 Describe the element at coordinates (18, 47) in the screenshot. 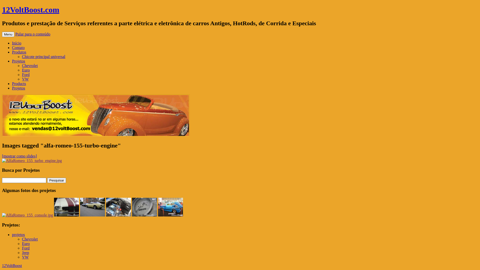

I see `'Contato'` at that location.